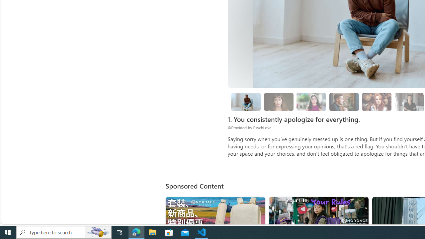  I want to click on '4. You can name and understand your feelings.', so click(311, 102).